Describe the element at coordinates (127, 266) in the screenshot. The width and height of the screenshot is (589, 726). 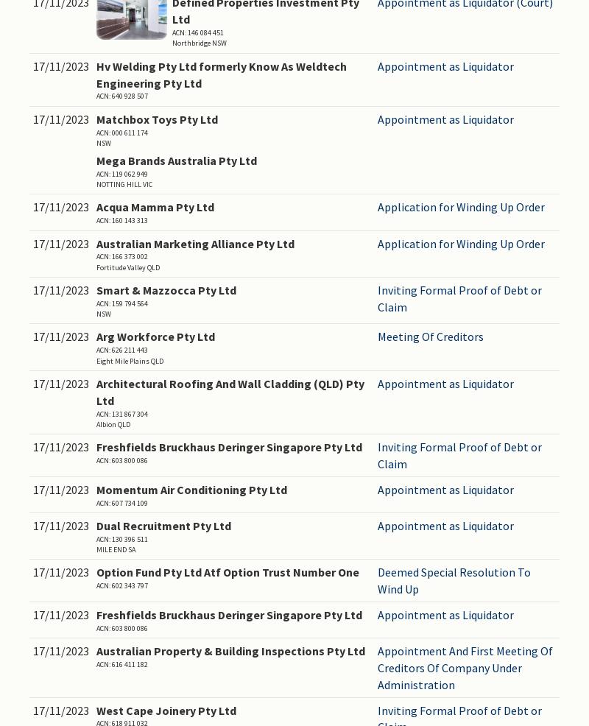
I see `'Fortitude Valley QLD'` at that location.